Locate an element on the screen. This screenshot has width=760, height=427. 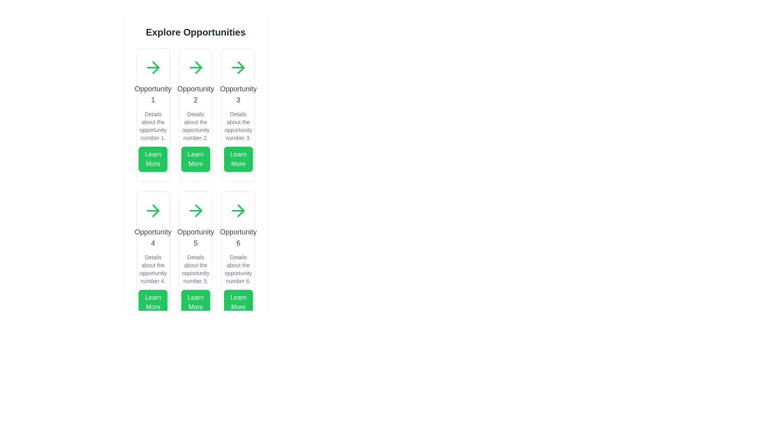
text content displayed in the 'Opportunity 3' column, located beneath the title 'Opportunity 3' and above the 'Learn More' button is located at coordinates (238, 126).